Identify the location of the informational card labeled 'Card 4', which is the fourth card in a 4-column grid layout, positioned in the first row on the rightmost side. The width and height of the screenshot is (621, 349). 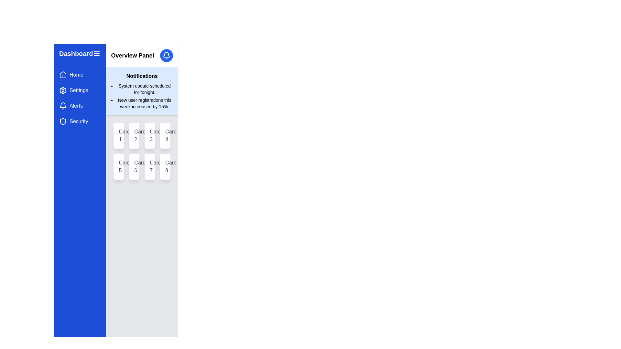
(165, 135).